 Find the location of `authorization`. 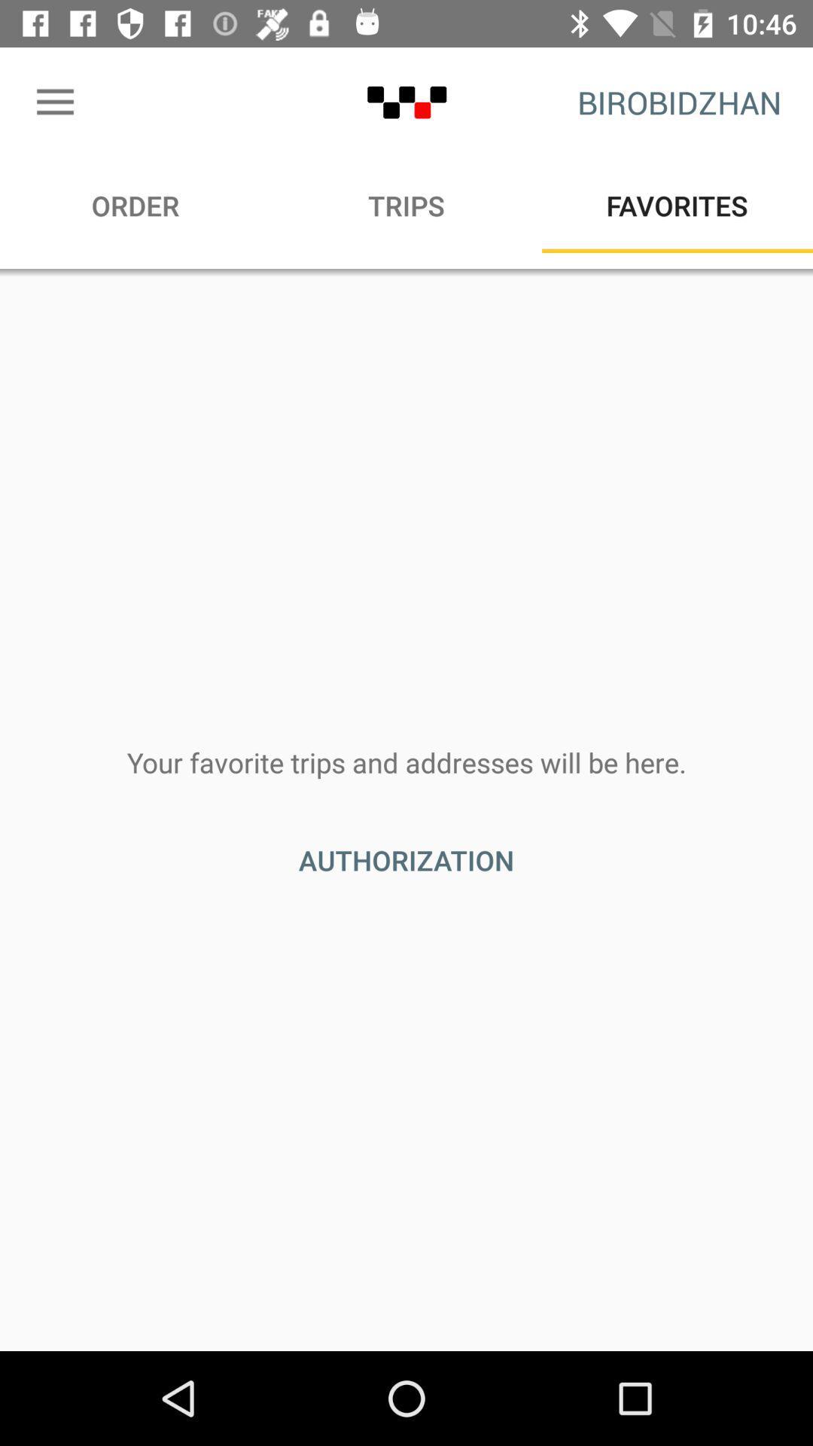

authorization is located at coordinates (406, 860).